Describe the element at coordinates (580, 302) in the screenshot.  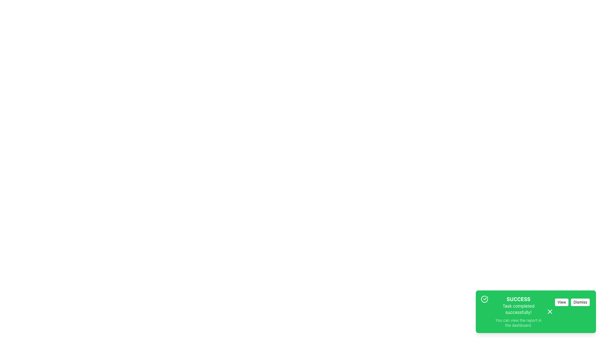
I see `the dismiss button located in the lower-right area of the green notification card` at that location.